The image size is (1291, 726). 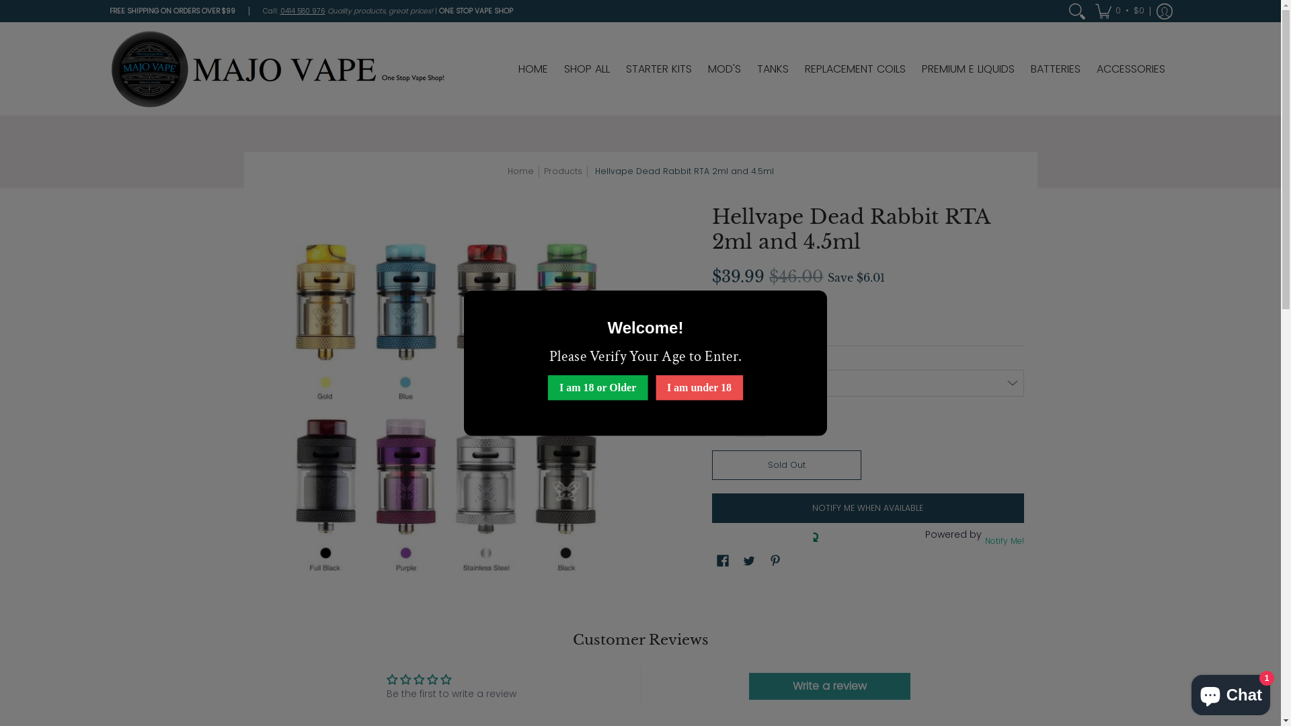 What do you see at coordinates (1064, 11) in the screenshot?
I see `'Search'` at bounding box center [1064, 11].